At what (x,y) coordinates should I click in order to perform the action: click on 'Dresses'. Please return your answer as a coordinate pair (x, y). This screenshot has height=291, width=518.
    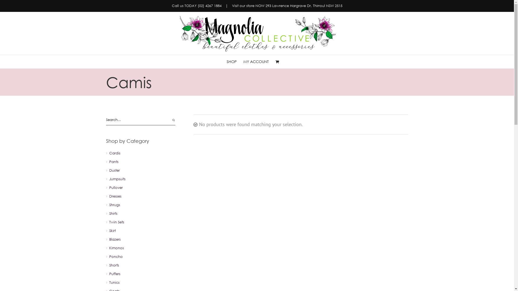
    Looking at the image, I should click on (115, 196).